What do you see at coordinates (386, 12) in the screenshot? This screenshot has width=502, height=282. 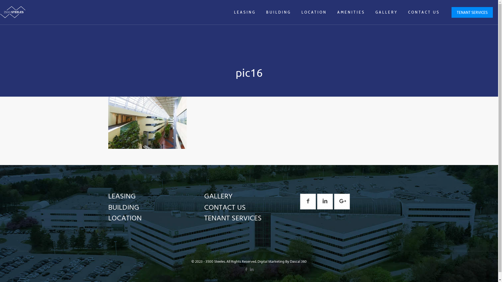 I see `'GALLERY'` at bounding box center [386, 12].